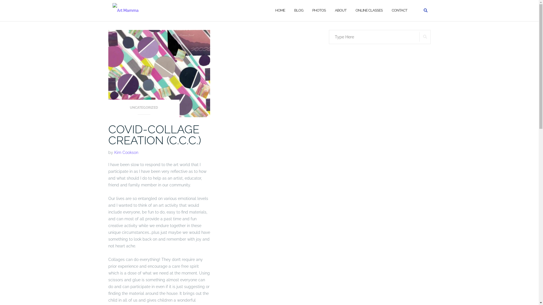 The height and width of the screenshot is (305, 543). Describe the element at coordinates (280, 10) in the screenshot. I see `'HOME'` at that location.